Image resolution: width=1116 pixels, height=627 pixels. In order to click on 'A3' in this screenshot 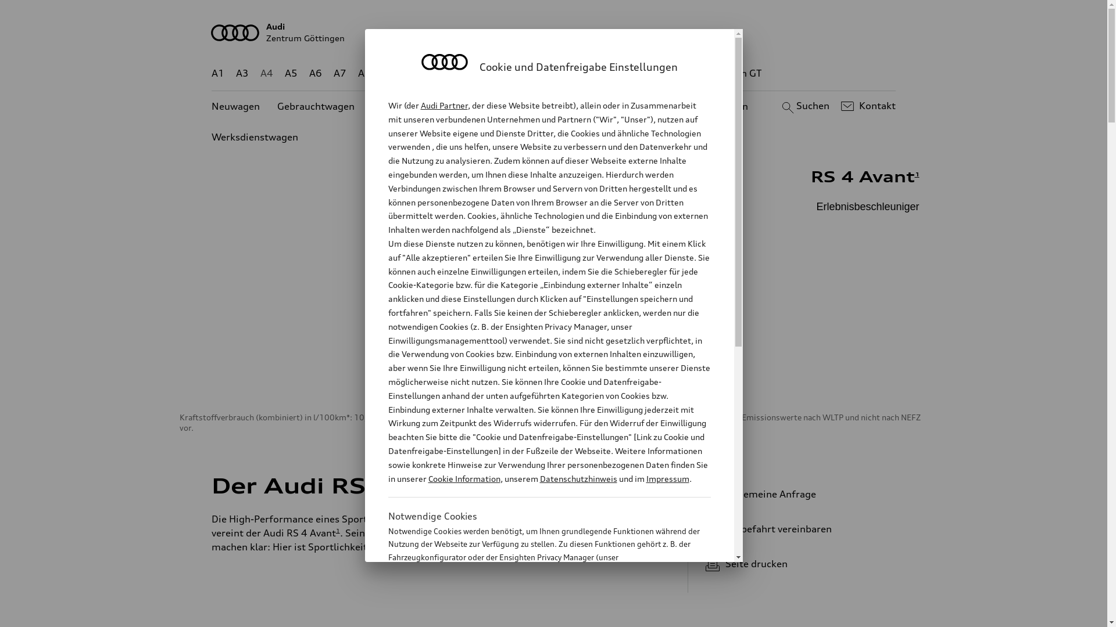, I will do `click(242, 73)`.